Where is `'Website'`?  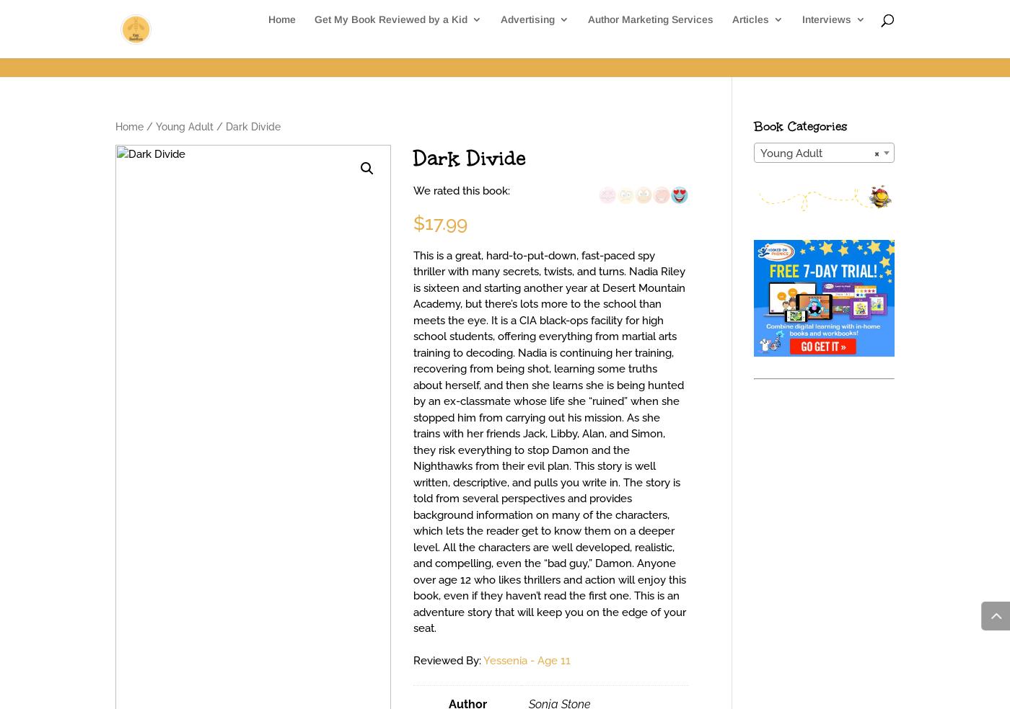
'Website' is located at coordinates (548, 109).